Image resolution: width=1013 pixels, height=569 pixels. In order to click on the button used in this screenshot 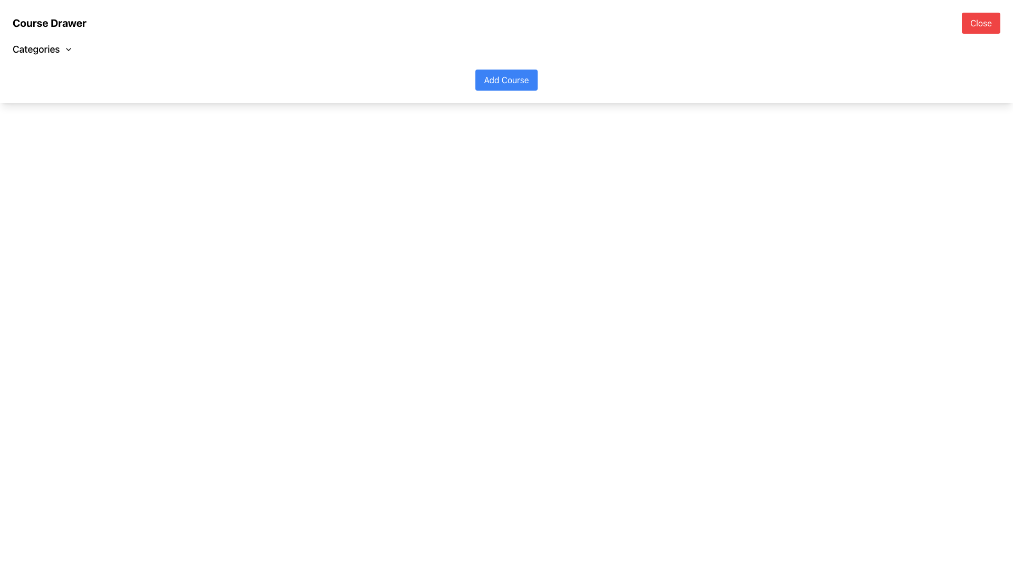, I will do `click(506, 79)`.